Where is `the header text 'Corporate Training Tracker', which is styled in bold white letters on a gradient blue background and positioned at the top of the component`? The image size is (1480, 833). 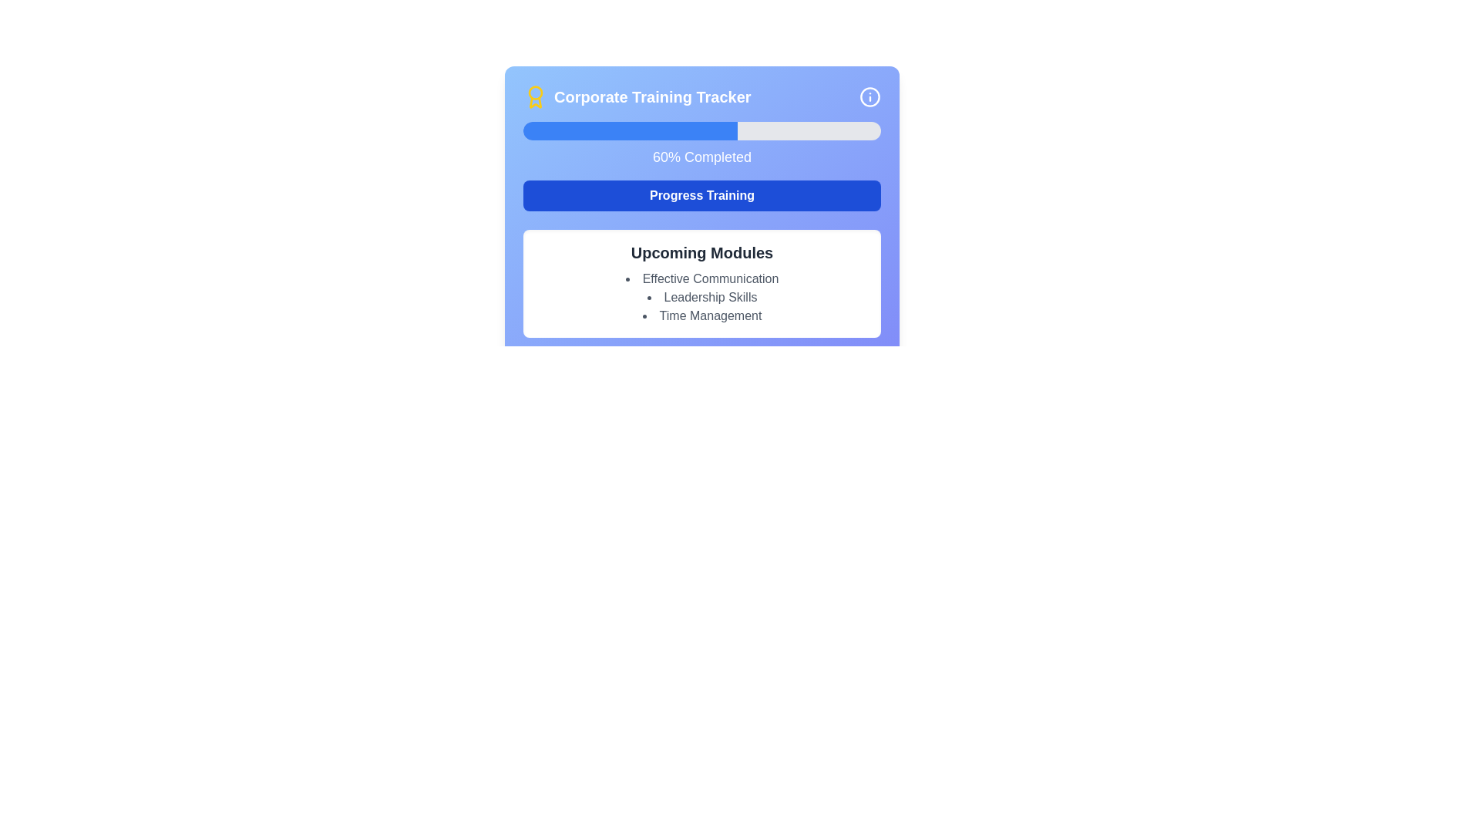
the header text 'Corporate Training Tracker', which is styled in bold white letters on a gradient blue background and positioned at the top of the component is located at coordinates (701, 97).